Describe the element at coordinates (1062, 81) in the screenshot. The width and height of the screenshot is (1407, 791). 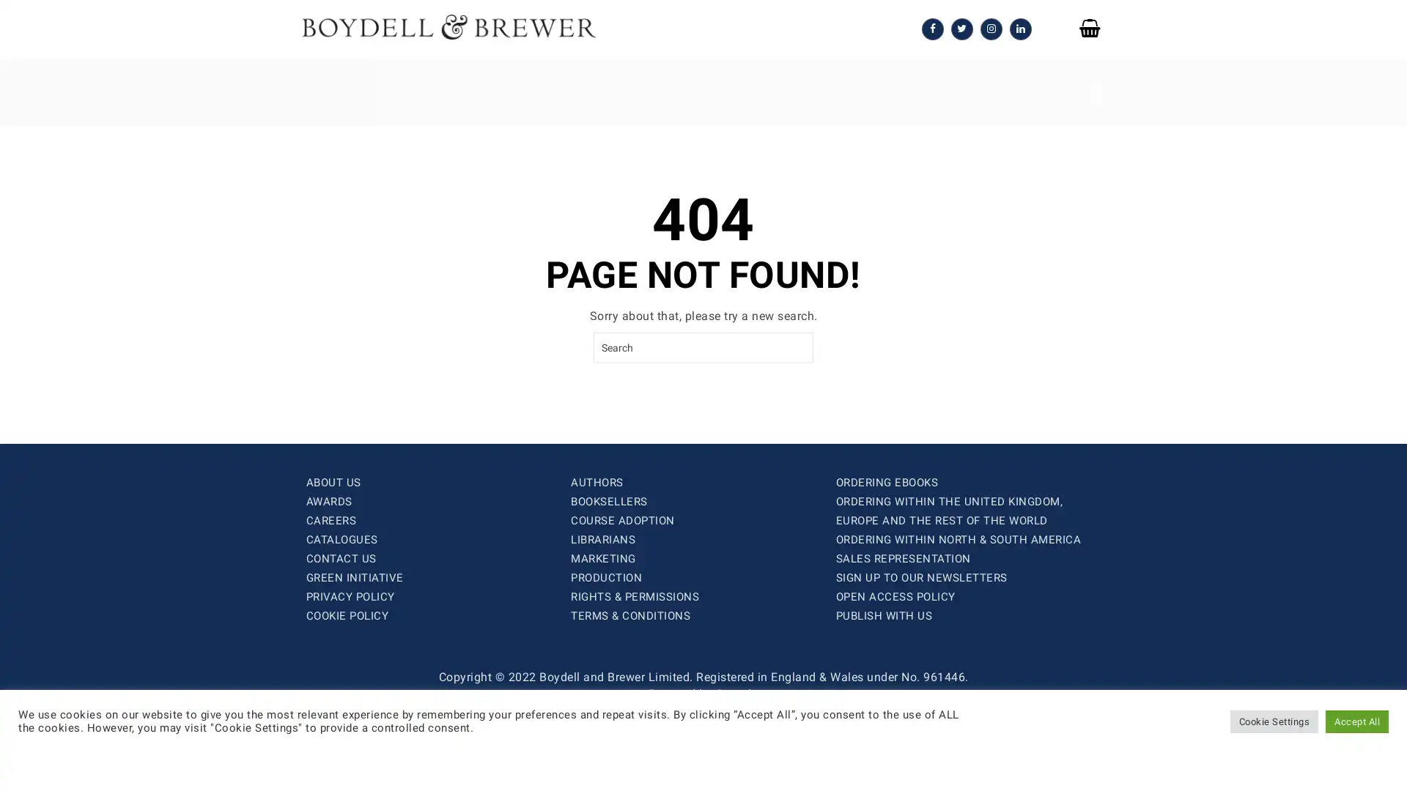
I see `SEARCH` at that location.